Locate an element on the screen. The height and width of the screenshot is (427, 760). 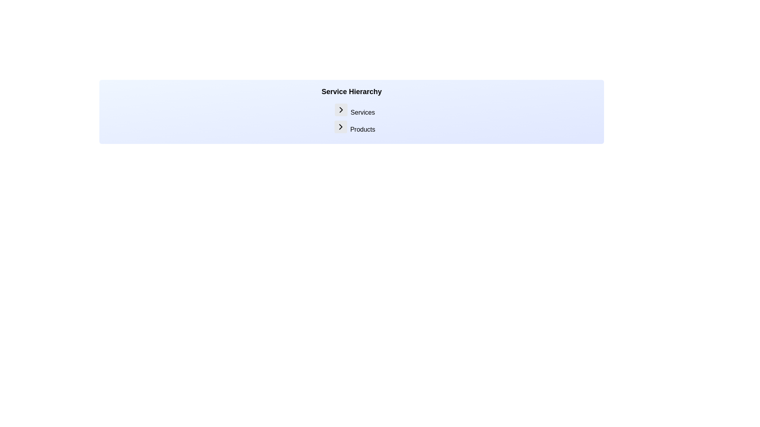
text from the bold label displaying 'Service Hierarchy', which is prominently styled as a section header is located at coordinates (351, 91).